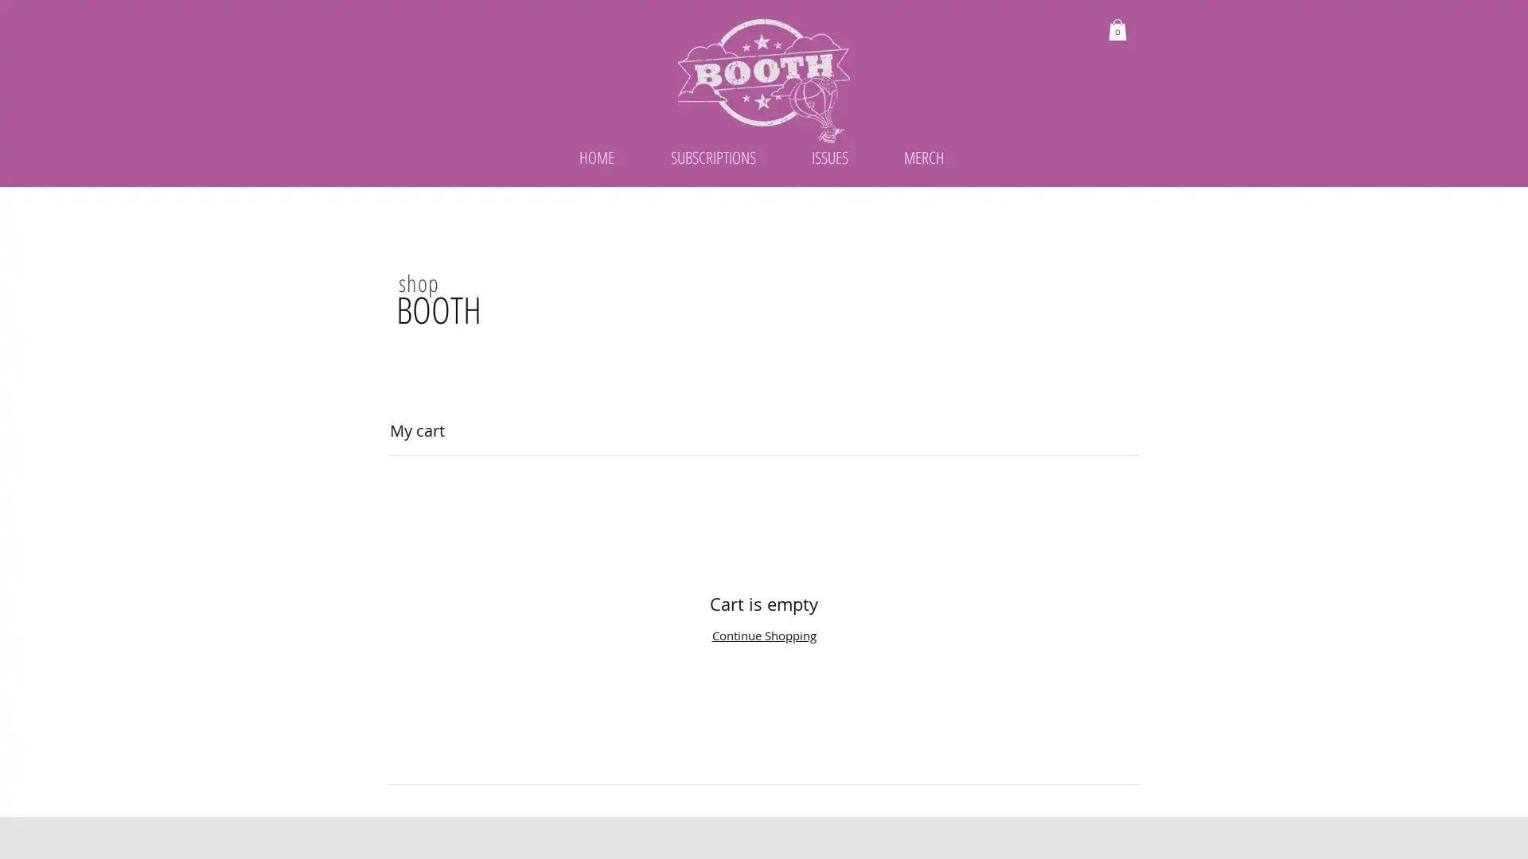 The width and height of the screenshot is (1528, 859). I want to click on Cart with 0 items, so click(1117, 29).